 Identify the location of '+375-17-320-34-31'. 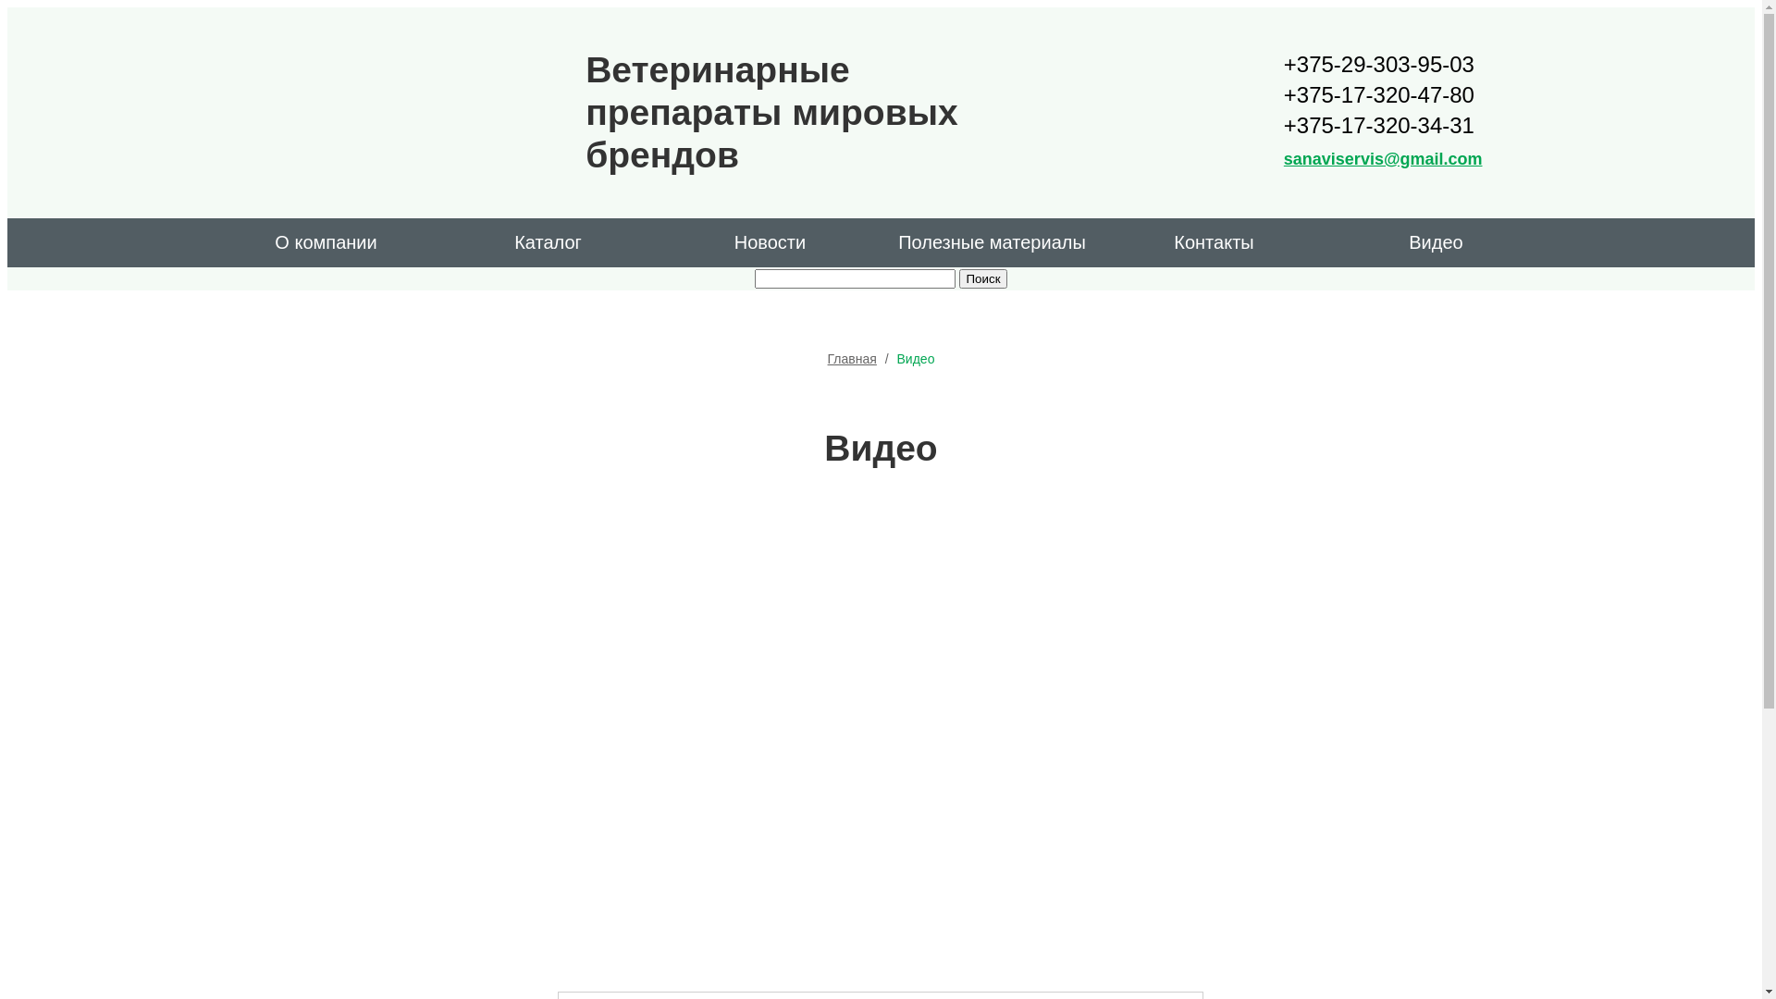
(1383, 125).